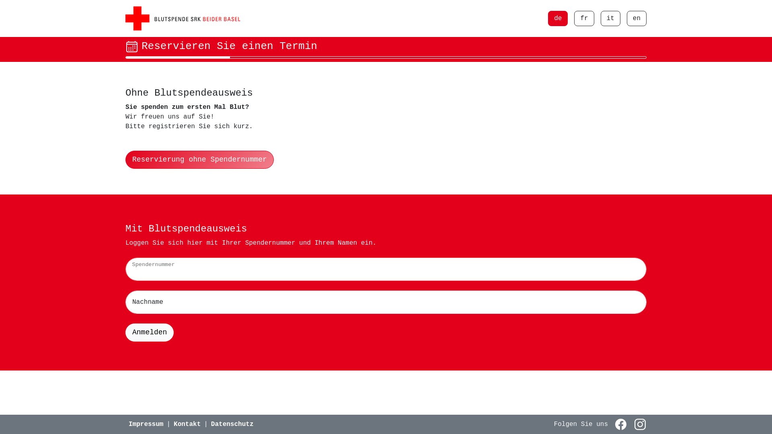  What do you see at coordinates (187, 424) in the screenshot?
I see `'Kontakt'` at bounding box center [187, 424].